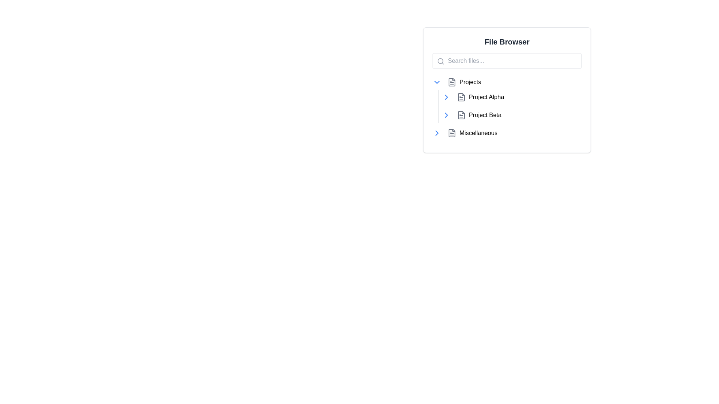 The width and height of the screenshot is (719, 404). I want to click on the document icon located to the left of the 'Miscellaneous' label in the file browser interface, so click(451, 132).